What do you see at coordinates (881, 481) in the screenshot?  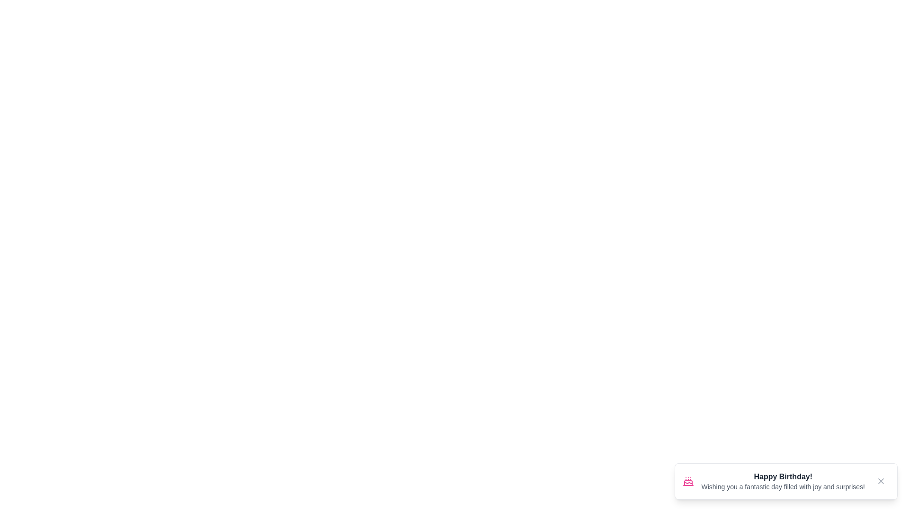 I see `the close button to dismiss the notification` at bounding box center [881, 481].